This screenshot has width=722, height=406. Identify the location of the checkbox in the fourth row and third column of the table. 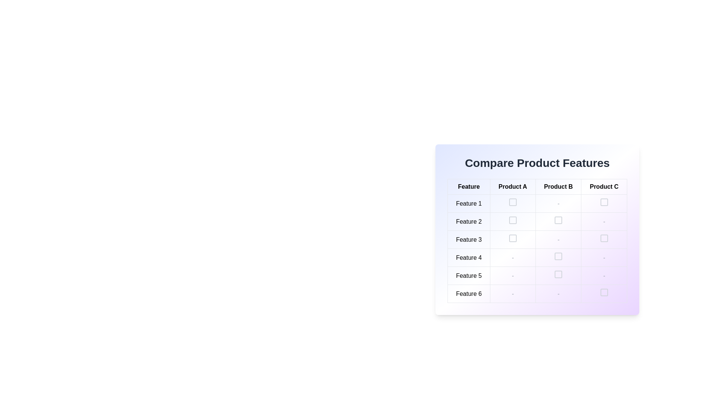
(558, 257).